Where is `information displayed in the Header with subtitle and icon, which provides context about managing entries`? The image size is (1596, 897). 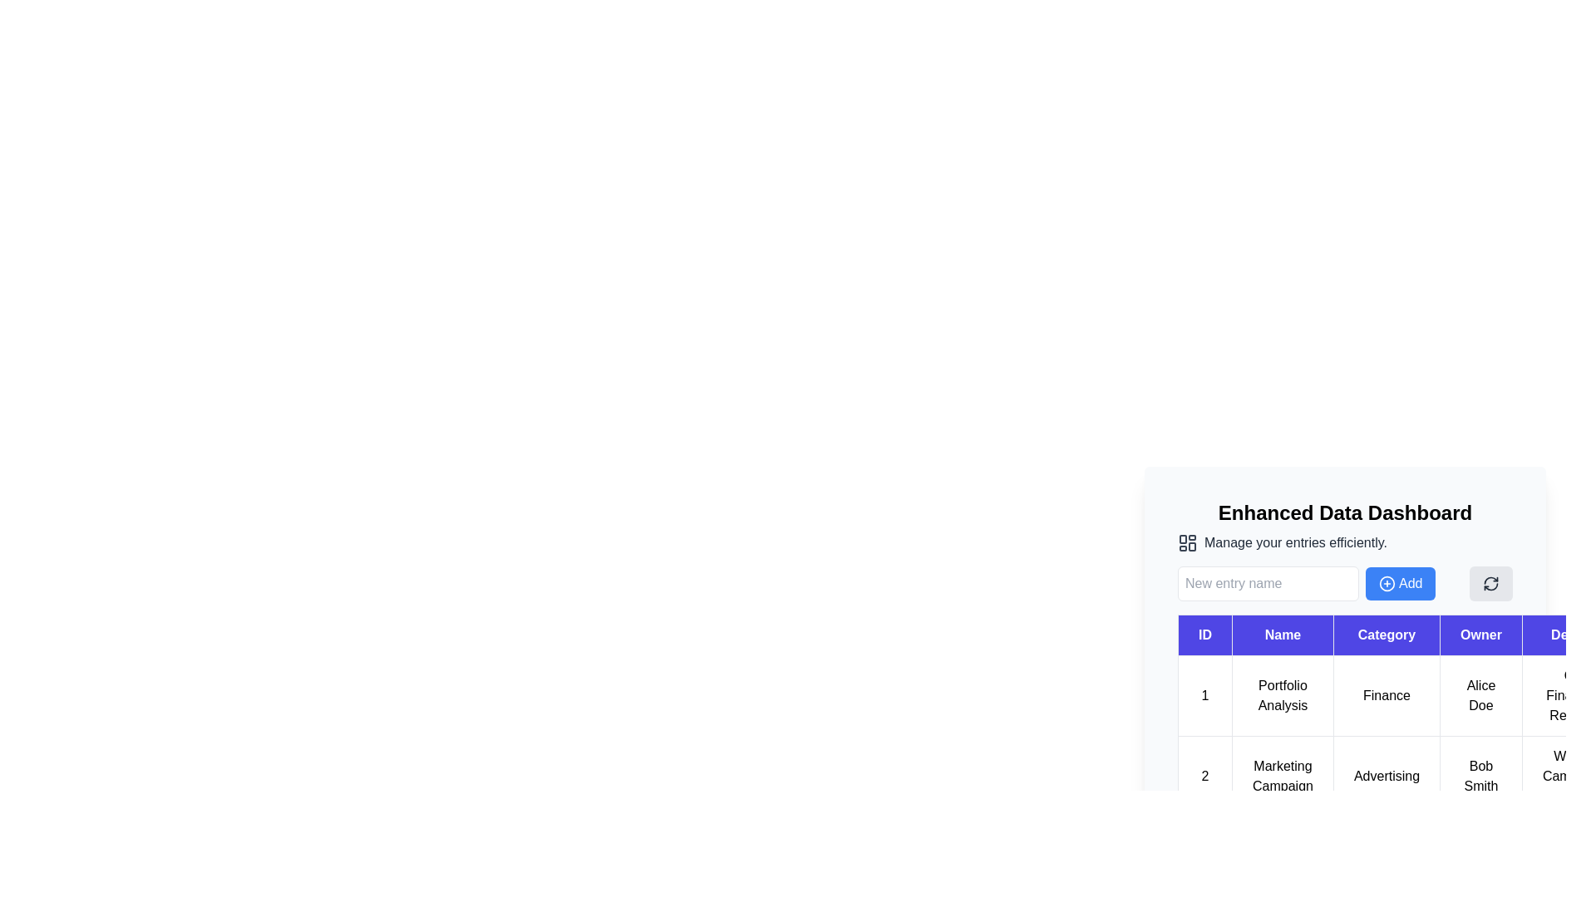
information displayed in the Header with subtitle and icon, which provides context about managing entries is located at coordinates (1345, 526).